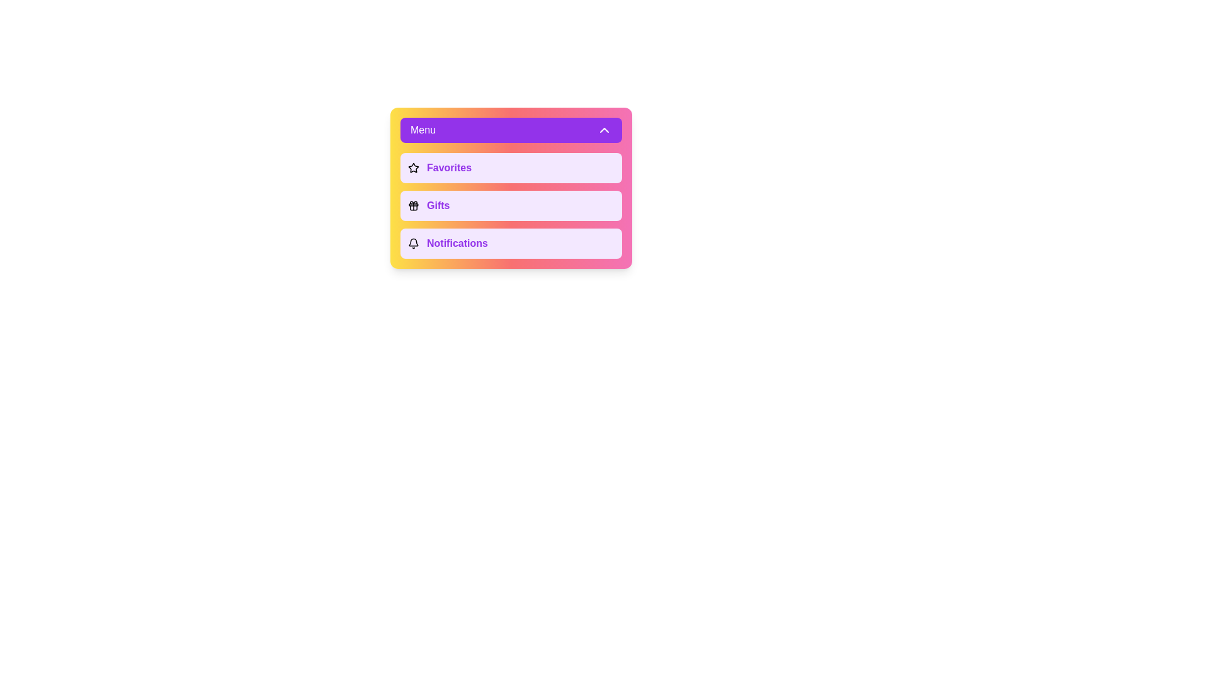 Image resolution: width=1209 pixels, height=680 pixels. Describe the element at coordinates (511, 243) in the screenshot. I see `the menu option Notifications` at that location.